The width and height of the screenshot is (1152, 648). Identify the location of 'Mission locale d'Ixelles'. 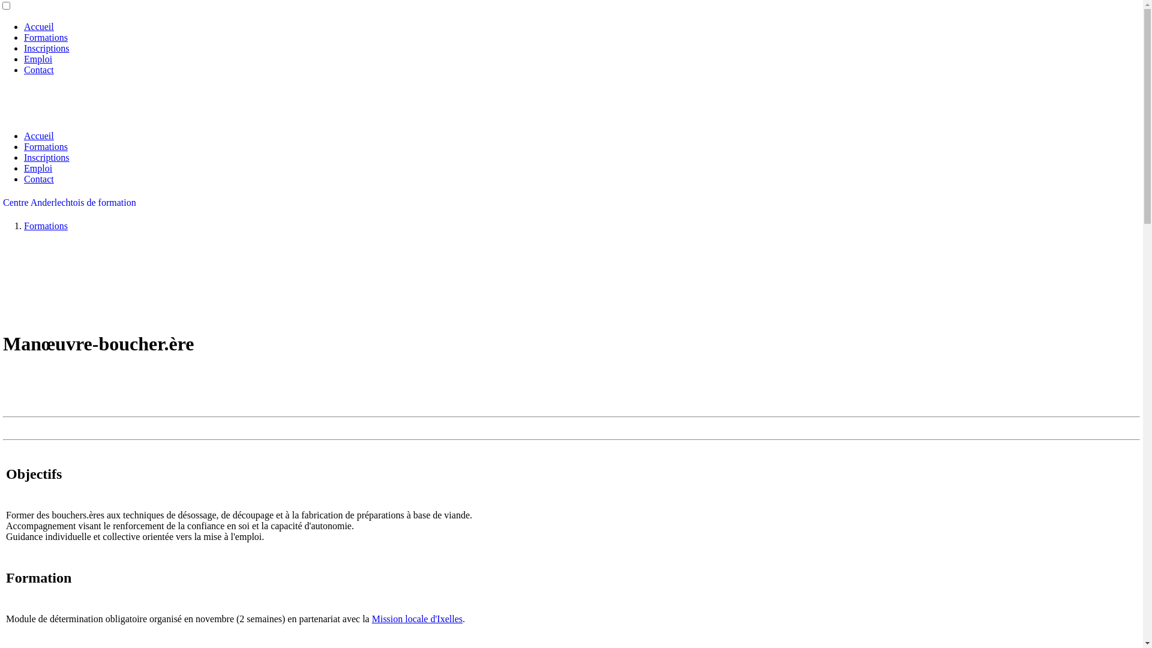
(417, 618).